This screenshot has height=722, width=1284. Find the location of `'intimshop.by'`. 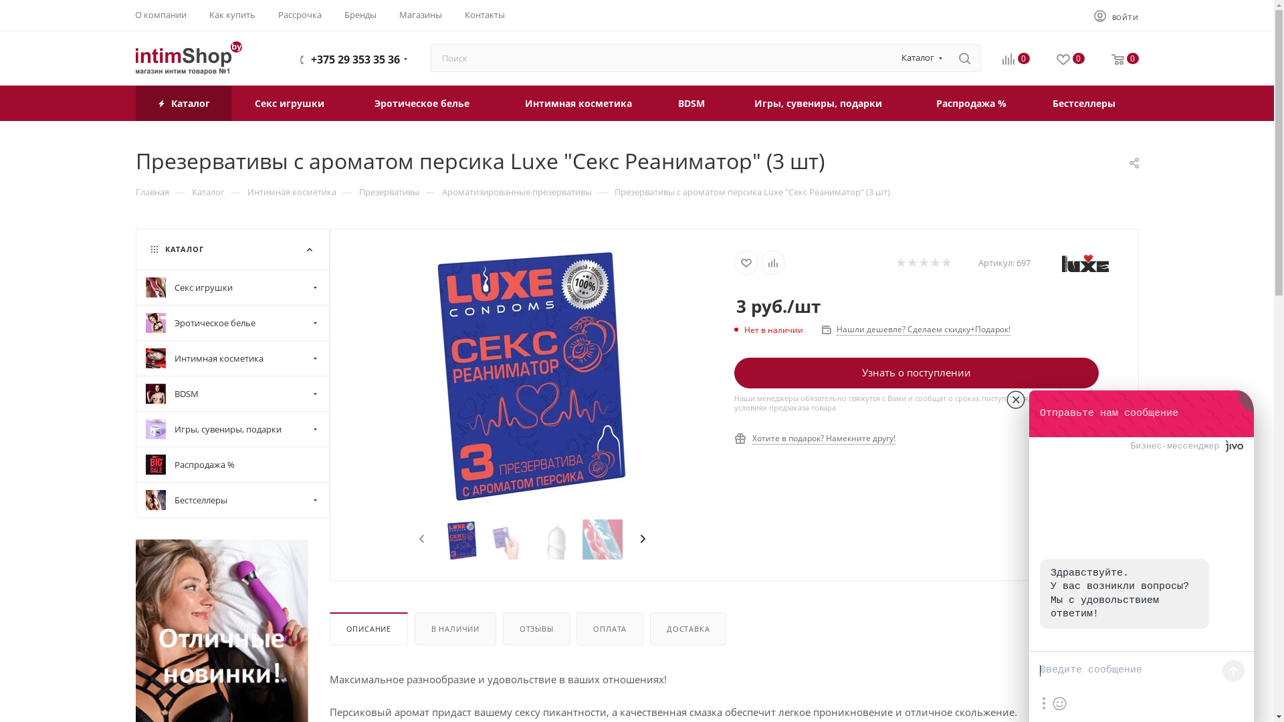

'intimshop.by' is located at coordinates (134, 57).